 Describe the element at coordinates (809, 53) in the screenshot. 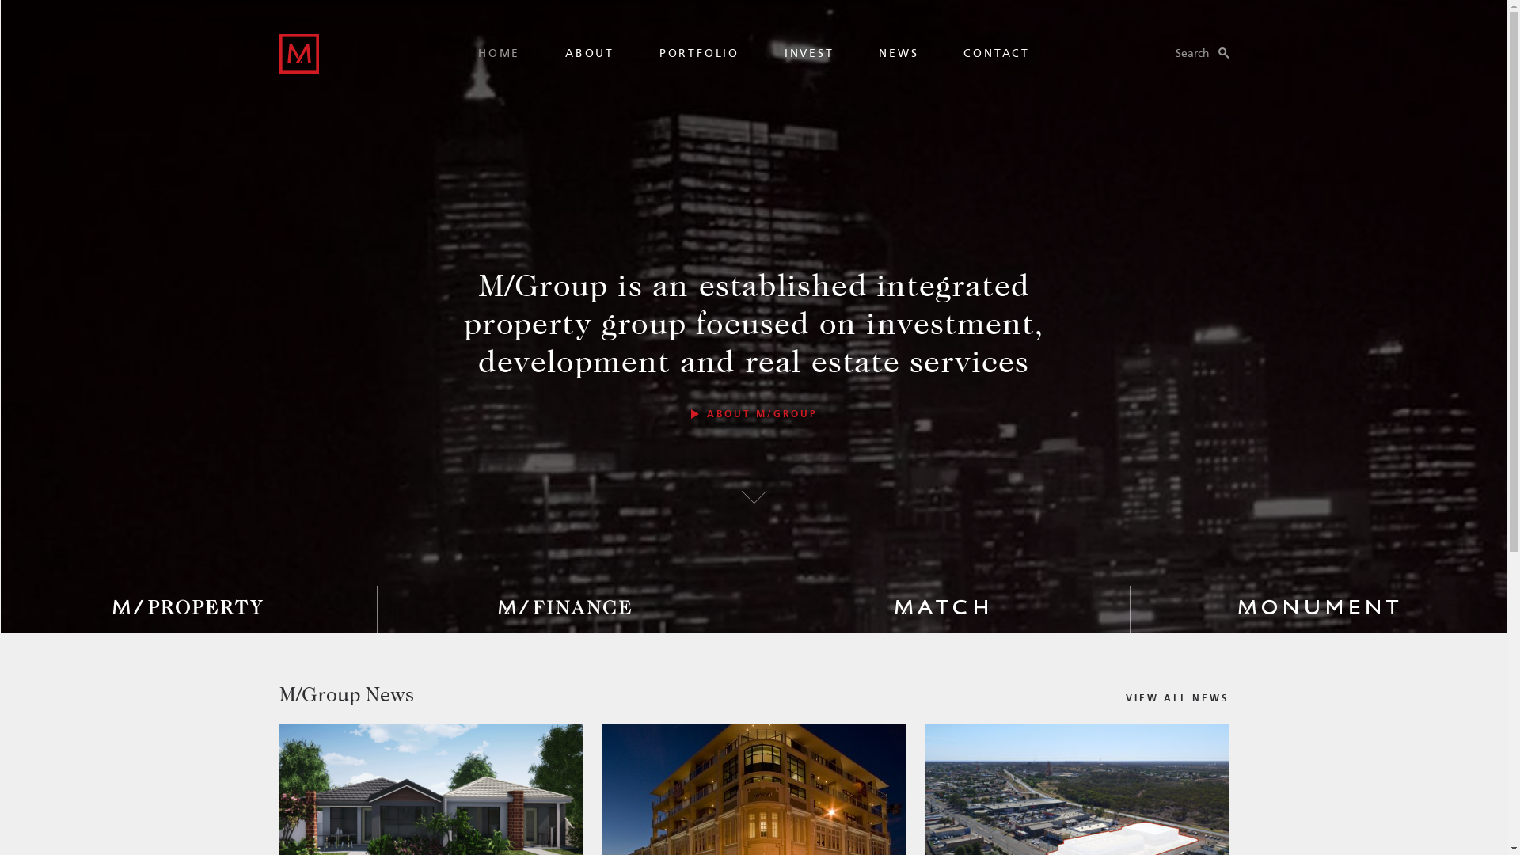

I see `'INVEST'` at that location.